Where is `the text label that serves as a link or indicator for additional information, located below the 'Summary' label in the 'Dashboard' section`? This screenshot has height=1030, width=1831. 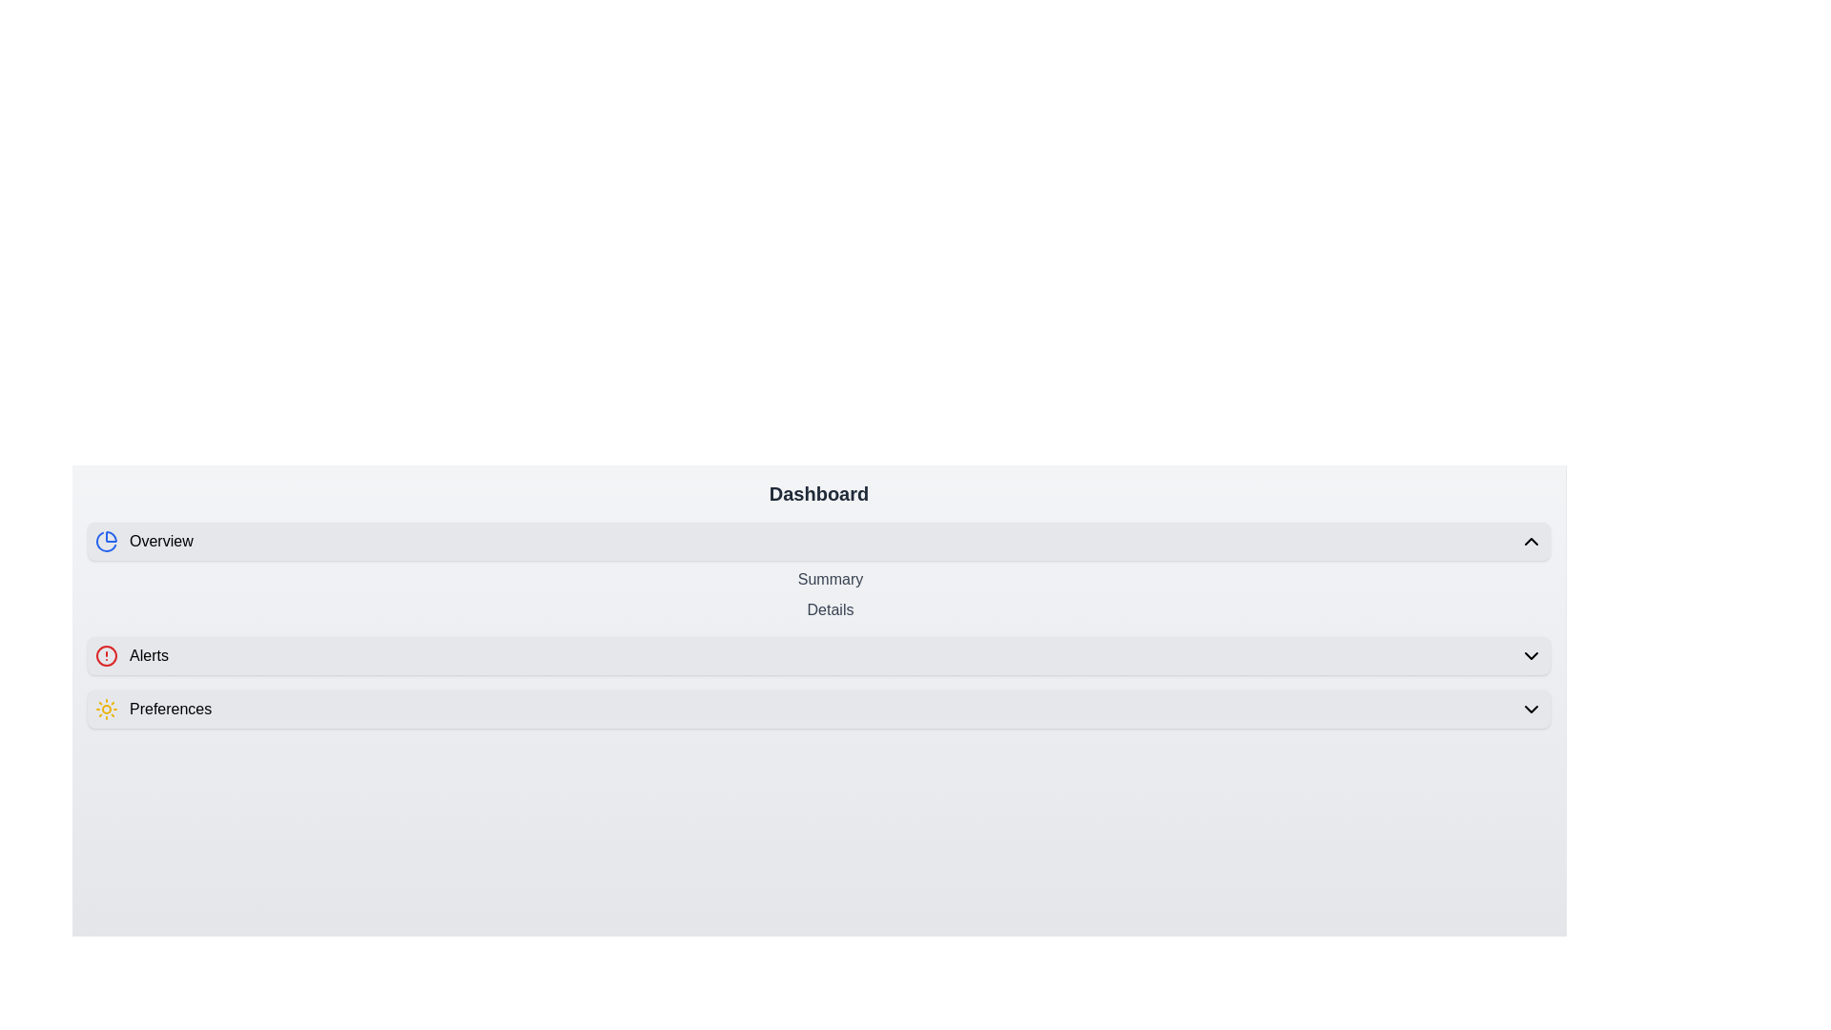 the text label that serves as a link or indicator for additional information, located below the 'Summary' label in the 'Dashboard' section is located at coordinates (830, 610).